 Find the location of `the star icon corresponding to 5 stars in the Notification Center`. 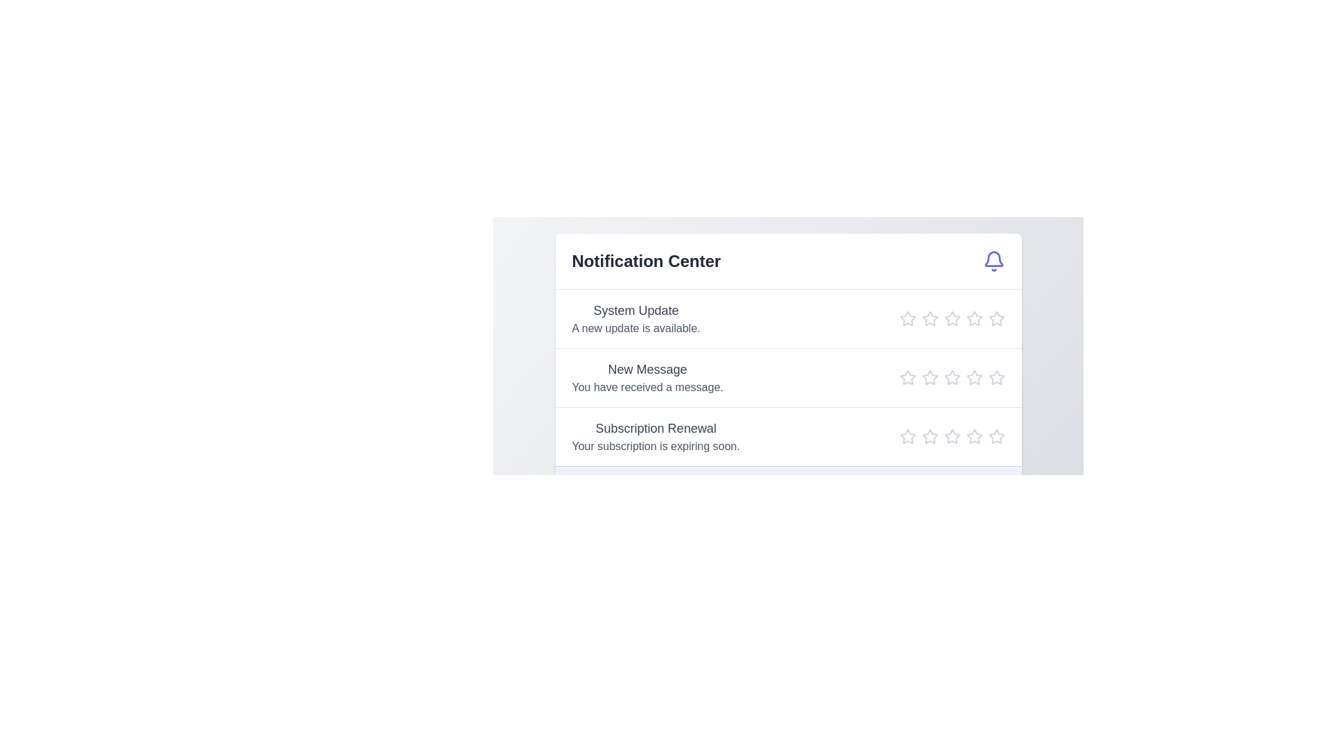

the star icon corresponding to 5 stars in the Notification Center is located at coordinates (996, 318).